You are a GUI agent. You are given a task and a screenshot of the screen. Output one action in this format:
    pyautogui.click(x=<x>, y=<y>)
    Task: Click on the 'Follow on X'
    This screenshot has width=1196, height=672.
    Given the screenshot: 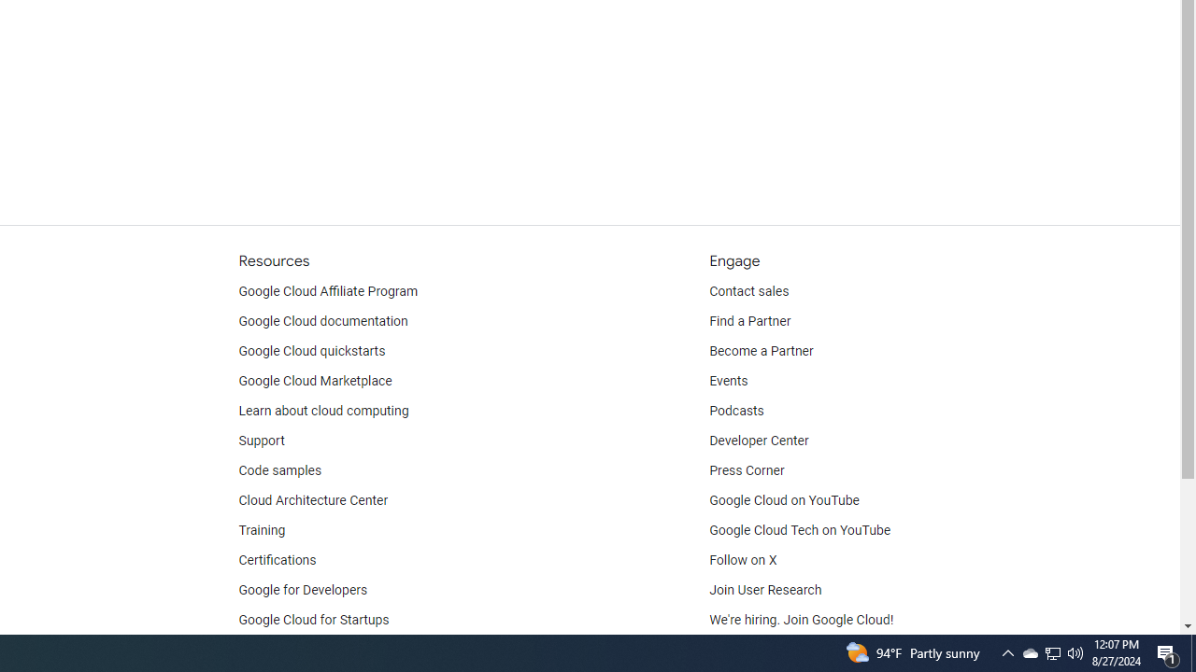 What is the action you would take?
    pyautogui.click(x=742, y=559)
    